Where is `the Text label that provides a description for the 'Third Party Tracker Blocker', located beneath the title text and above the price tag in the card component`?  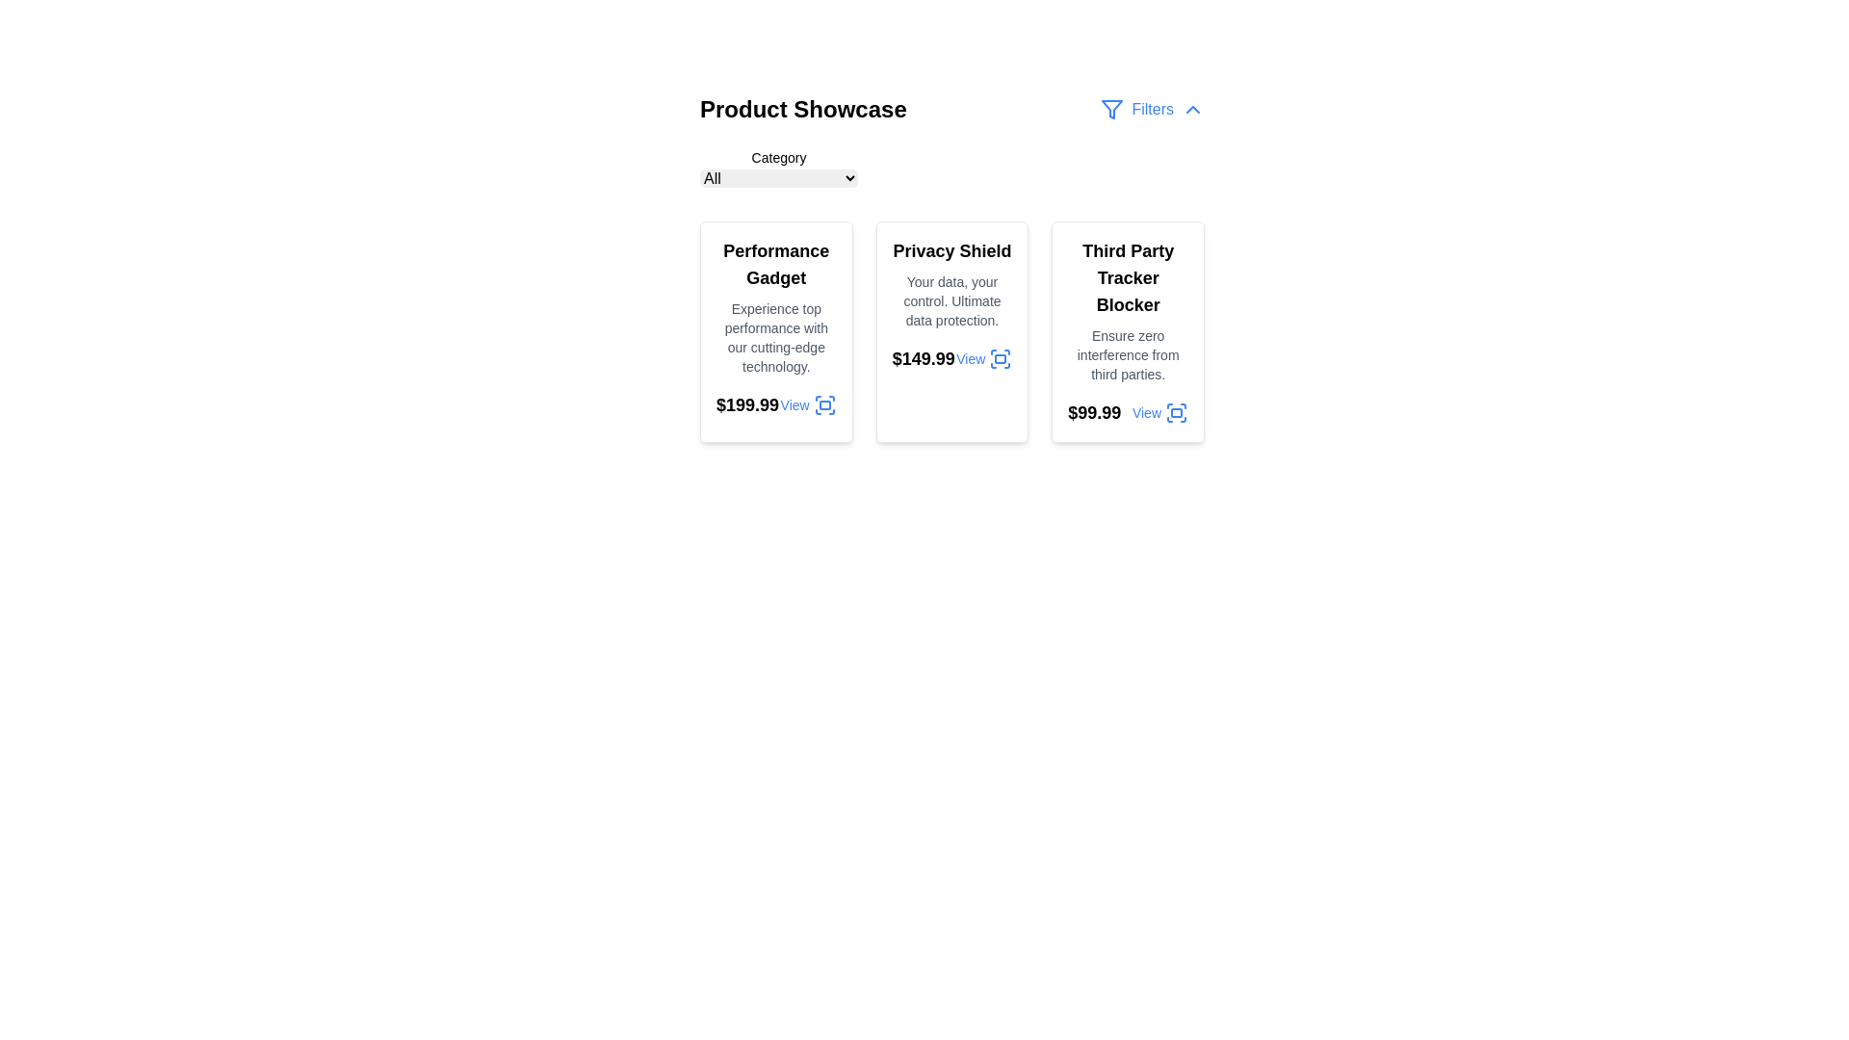
the Text label that provides a description for the 'Third Party Tracker Blocker', located beneath the title text and above the price tag in the card component is located at coordinates (1128, 355).